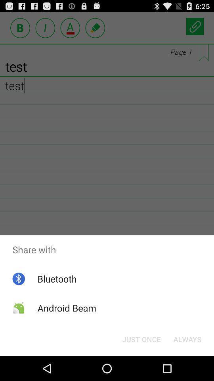 The width and height of the screenshot is (214, 381). What do you see at coordinates (57, 279) in the screenshot?
I see `the app below share with item` at bounding box center [57, 279].